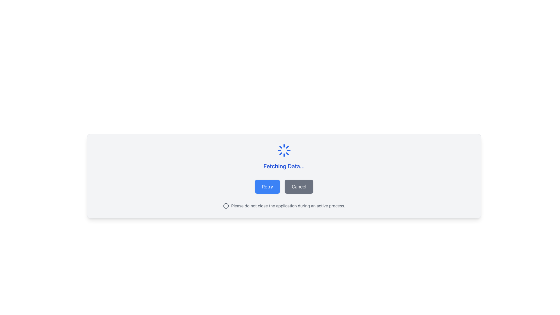 Image resolution: width=560 pixels, height=315 pixels. What do you see at coordinates (225, 205) in the screenshot?
I see `the SVG Circle element which has a 10-unit radius and serves as the outermost circular boundary of a rounded icon, located between a text section and buttons` at bounding box center [225, 205].